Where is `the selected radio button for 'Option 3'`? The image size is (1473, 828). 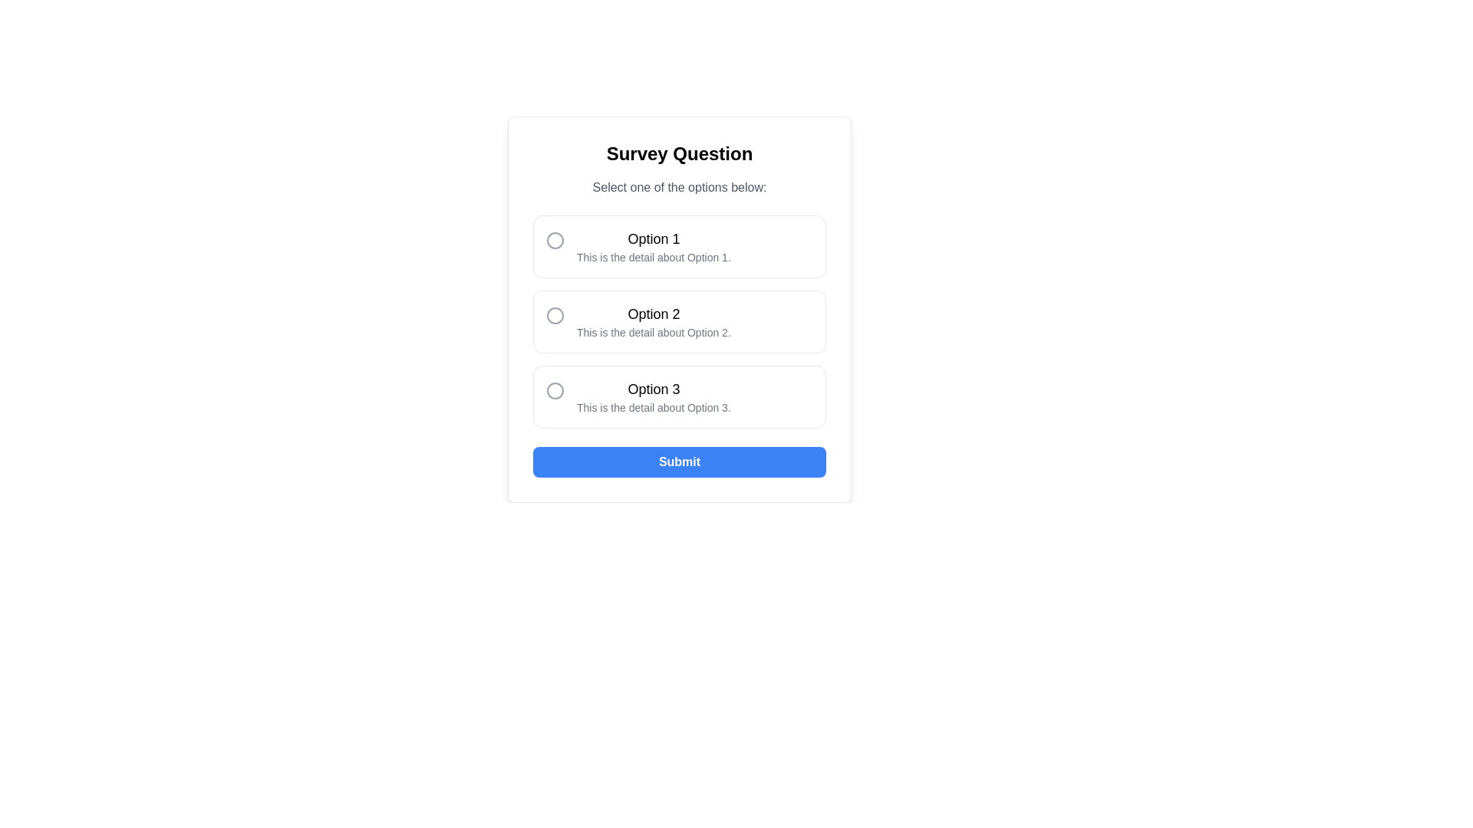
the selected radio button for 'Option 3' is located at coordinates (555, 389).